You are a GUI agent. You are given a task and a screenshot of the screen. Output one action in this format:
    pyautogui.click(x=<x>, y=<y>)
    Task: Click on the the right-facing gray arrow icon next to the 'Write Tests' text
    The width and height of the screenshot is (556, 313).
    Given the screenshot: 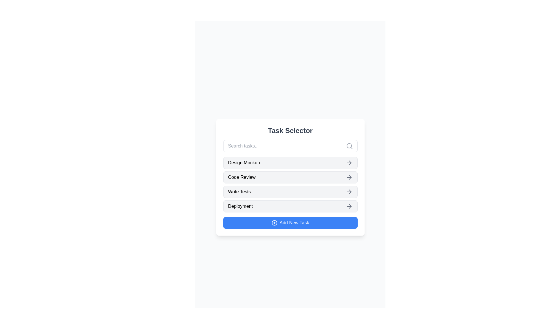 What is the action you would take?
    pyautogui.click(x=349, y=192)
    